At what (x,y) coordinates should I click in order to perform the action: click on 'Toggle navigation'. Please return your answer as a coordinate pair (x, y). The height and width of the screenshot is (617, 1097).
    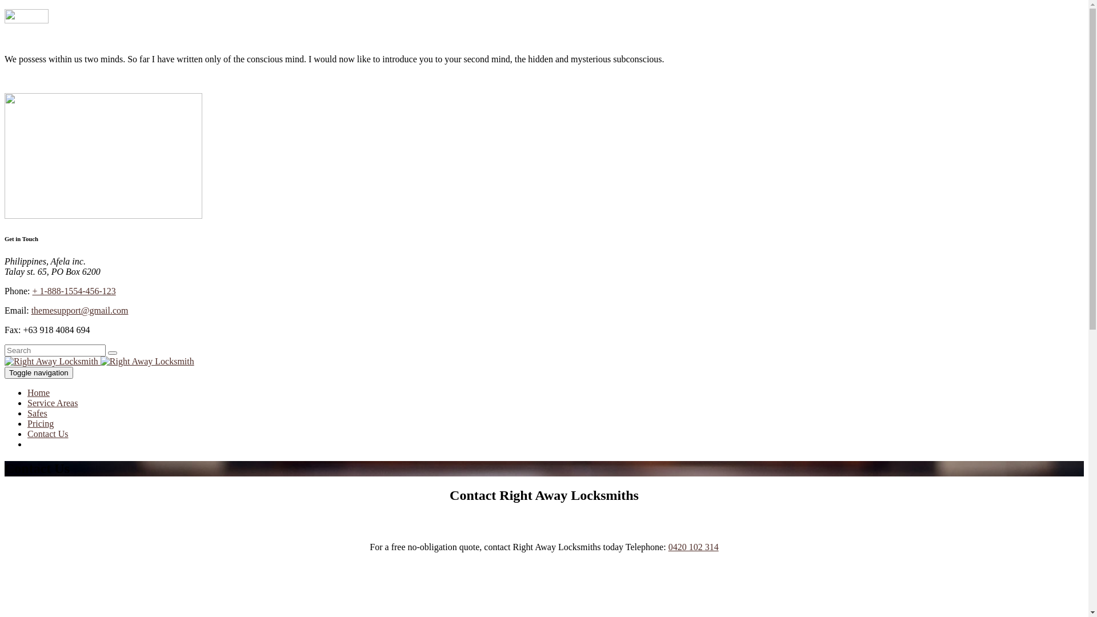
    Looking at the image, I should click on (38, 372).